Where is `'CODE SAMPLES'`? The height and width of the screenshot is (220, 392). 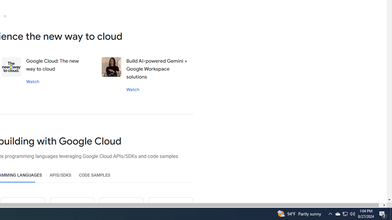 'CODE SAMPLES' is located at coordinates (94, 175).